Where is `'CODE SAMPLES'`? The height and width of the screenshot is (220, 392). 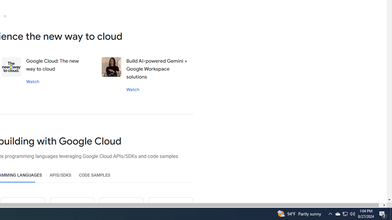 'CODE SAMPLES' is located at coordinates (94, 175).